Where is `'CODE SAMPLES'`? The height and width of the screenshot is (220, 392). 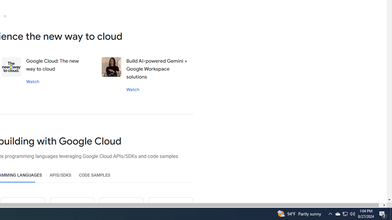 'CODE SAMPLES' is located at coordinates (94, 175).